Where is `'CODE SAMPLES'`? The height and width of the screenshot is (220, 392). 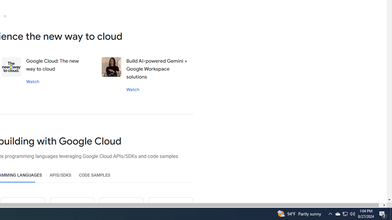 'CODE SAMPLES' is located at coordinates (94, 175).